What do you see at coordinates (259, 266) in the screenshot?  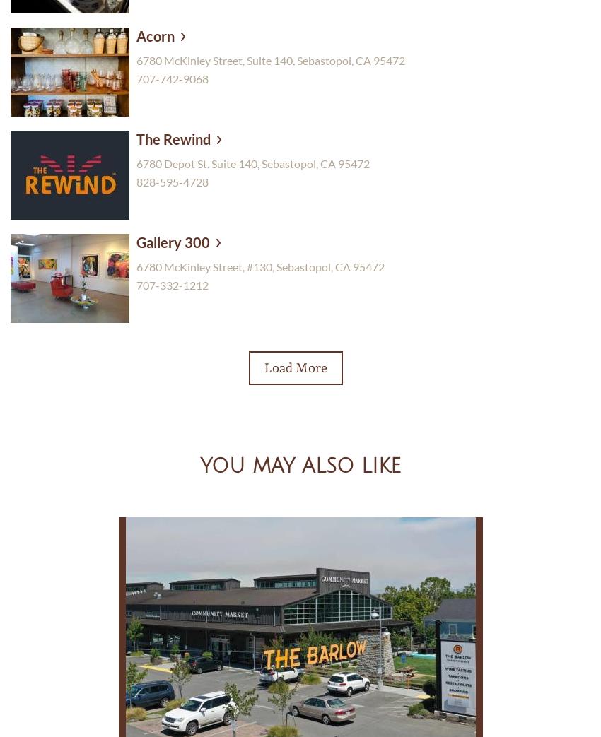 I see `'6780 McKinley Street, #130, Sebastopol, CA 95472'` at bounding box center [259, 266].